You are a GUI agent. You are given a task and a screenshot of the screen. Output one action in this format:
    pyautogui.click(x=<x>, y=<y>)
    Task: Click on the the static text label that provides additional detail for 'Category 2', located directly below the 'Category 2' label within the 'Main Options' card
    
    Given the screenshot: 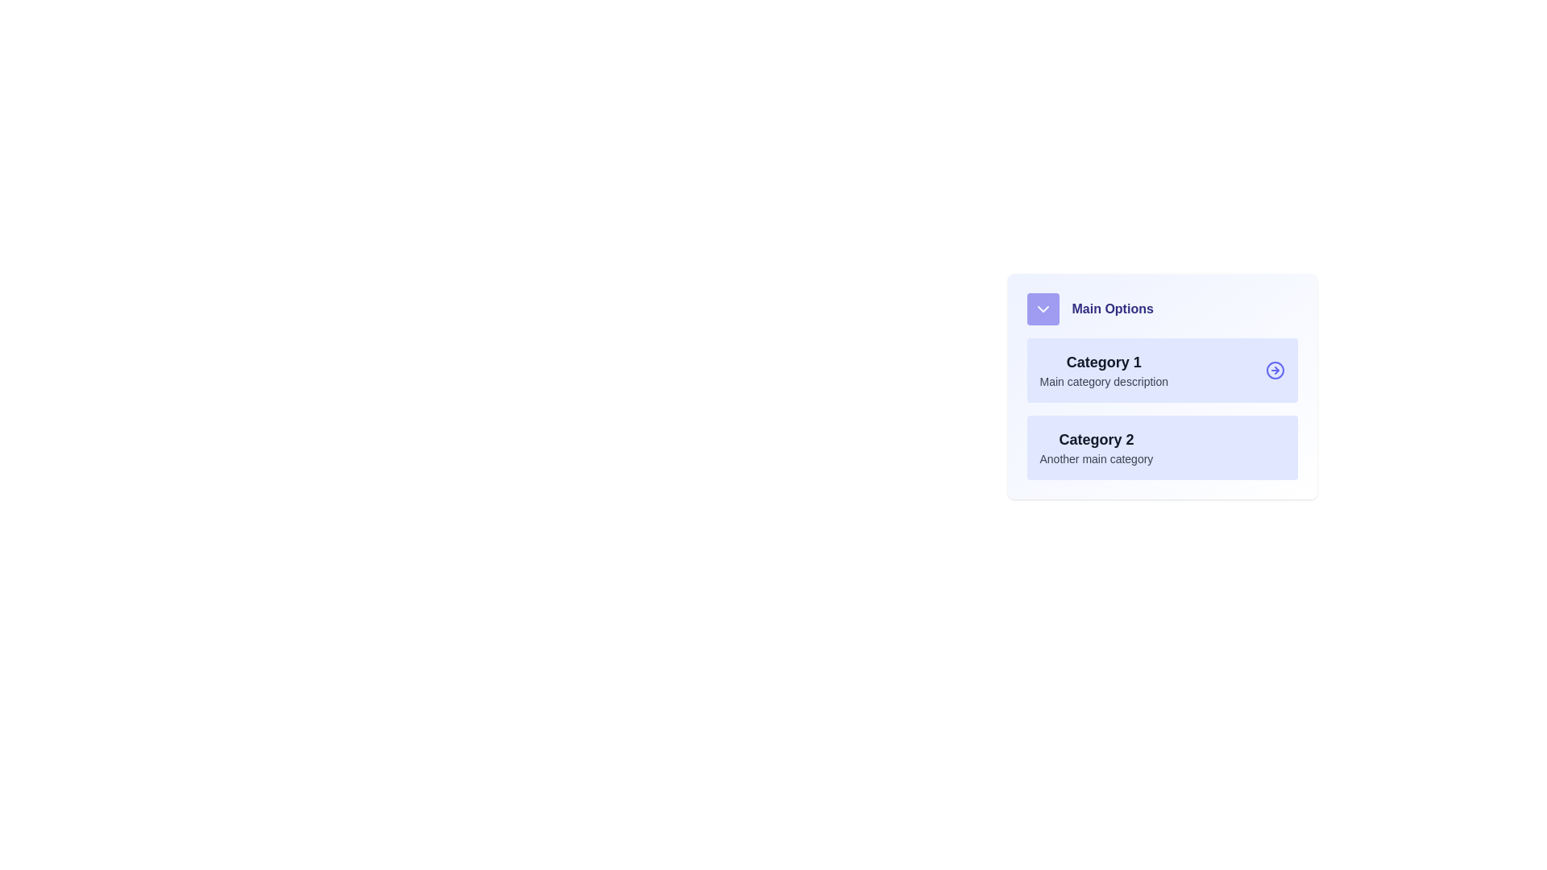 What is the action you would take?
    pyautogui.click(x=1096, y=459)
    